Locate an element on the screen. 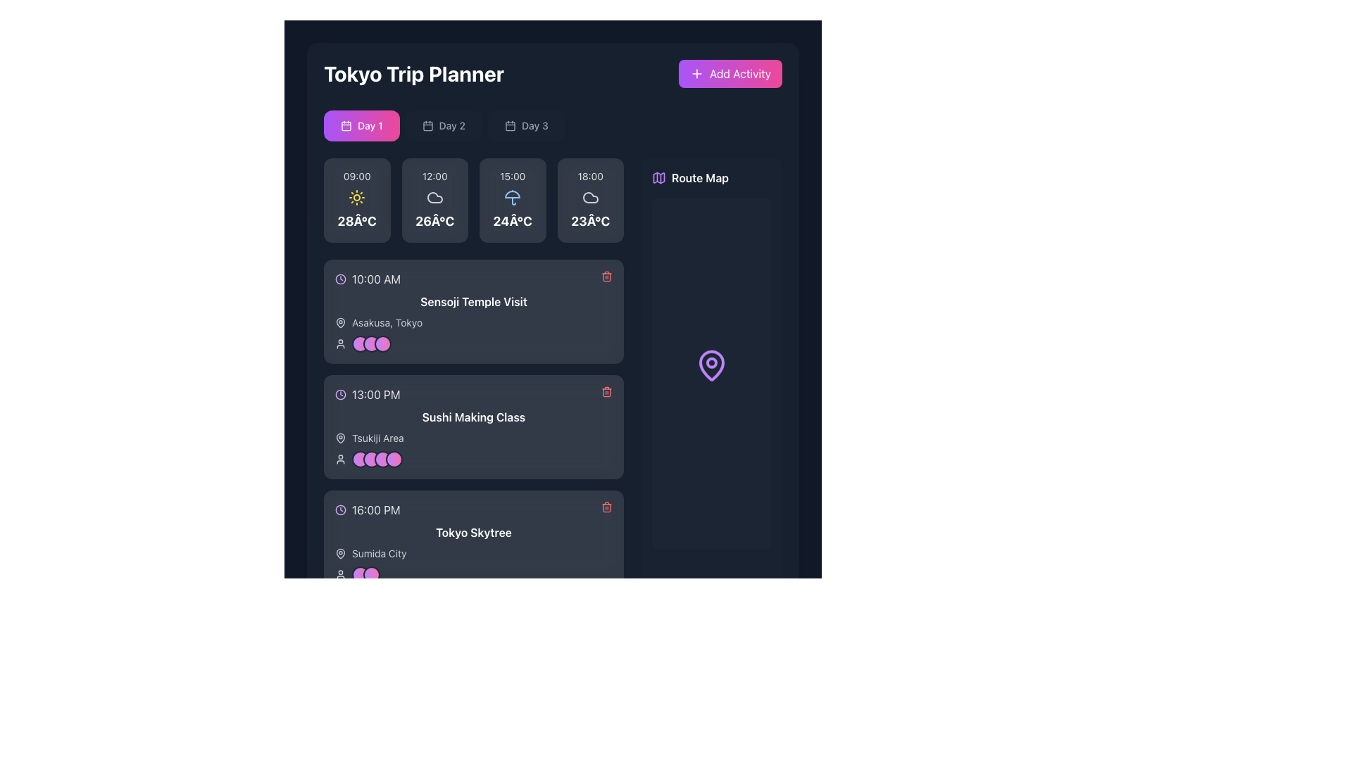 This screenshot has width=1352, height=760. the decorative map icon located in the 'Route Map' section, positioned to the right of the main itinerary section is located at coordinates (658, 177).